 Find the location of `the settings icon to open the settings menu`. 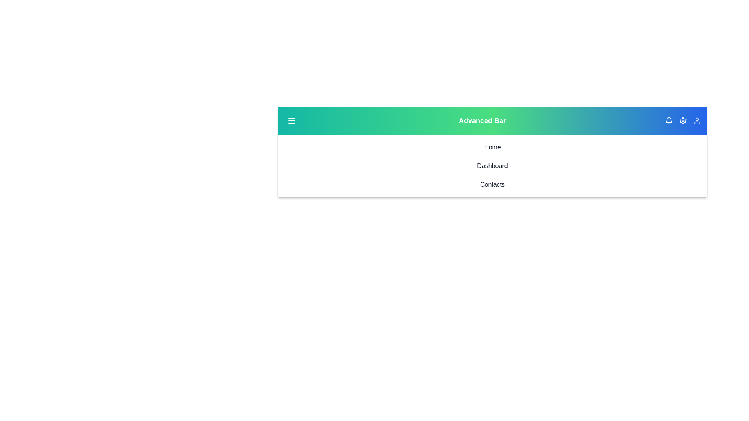

the settings icon to open the settings menu is located at coordinates (683, 120).